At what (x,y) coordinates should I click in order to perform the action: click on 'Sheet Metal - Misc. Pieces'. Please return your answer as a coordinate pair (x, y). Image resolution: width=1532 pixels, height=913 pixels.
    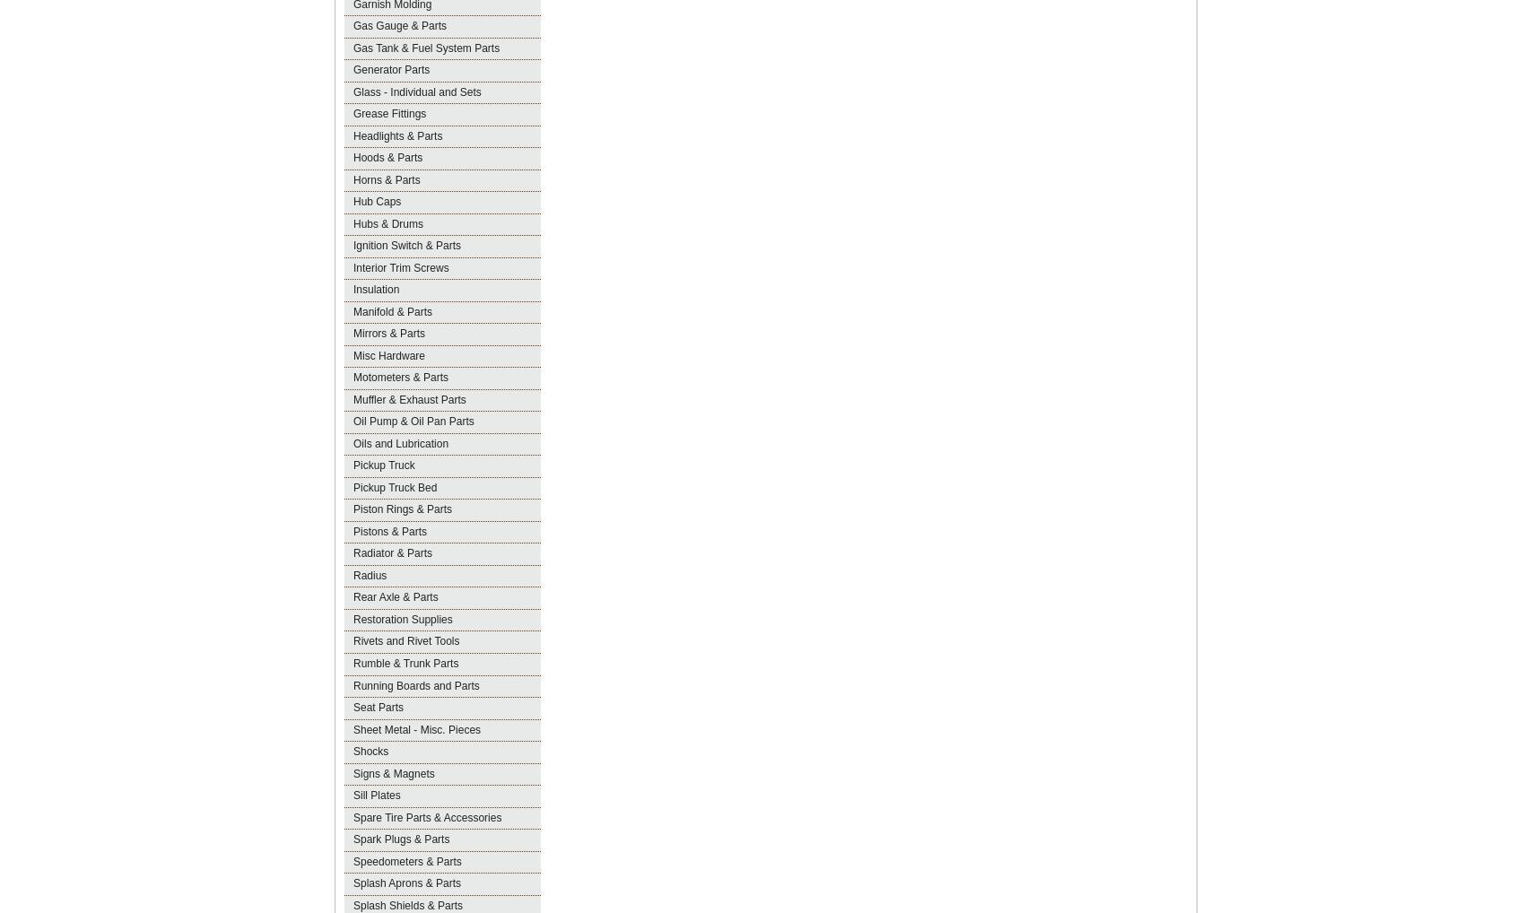
    Looking at the image, I should click on (416, 728).